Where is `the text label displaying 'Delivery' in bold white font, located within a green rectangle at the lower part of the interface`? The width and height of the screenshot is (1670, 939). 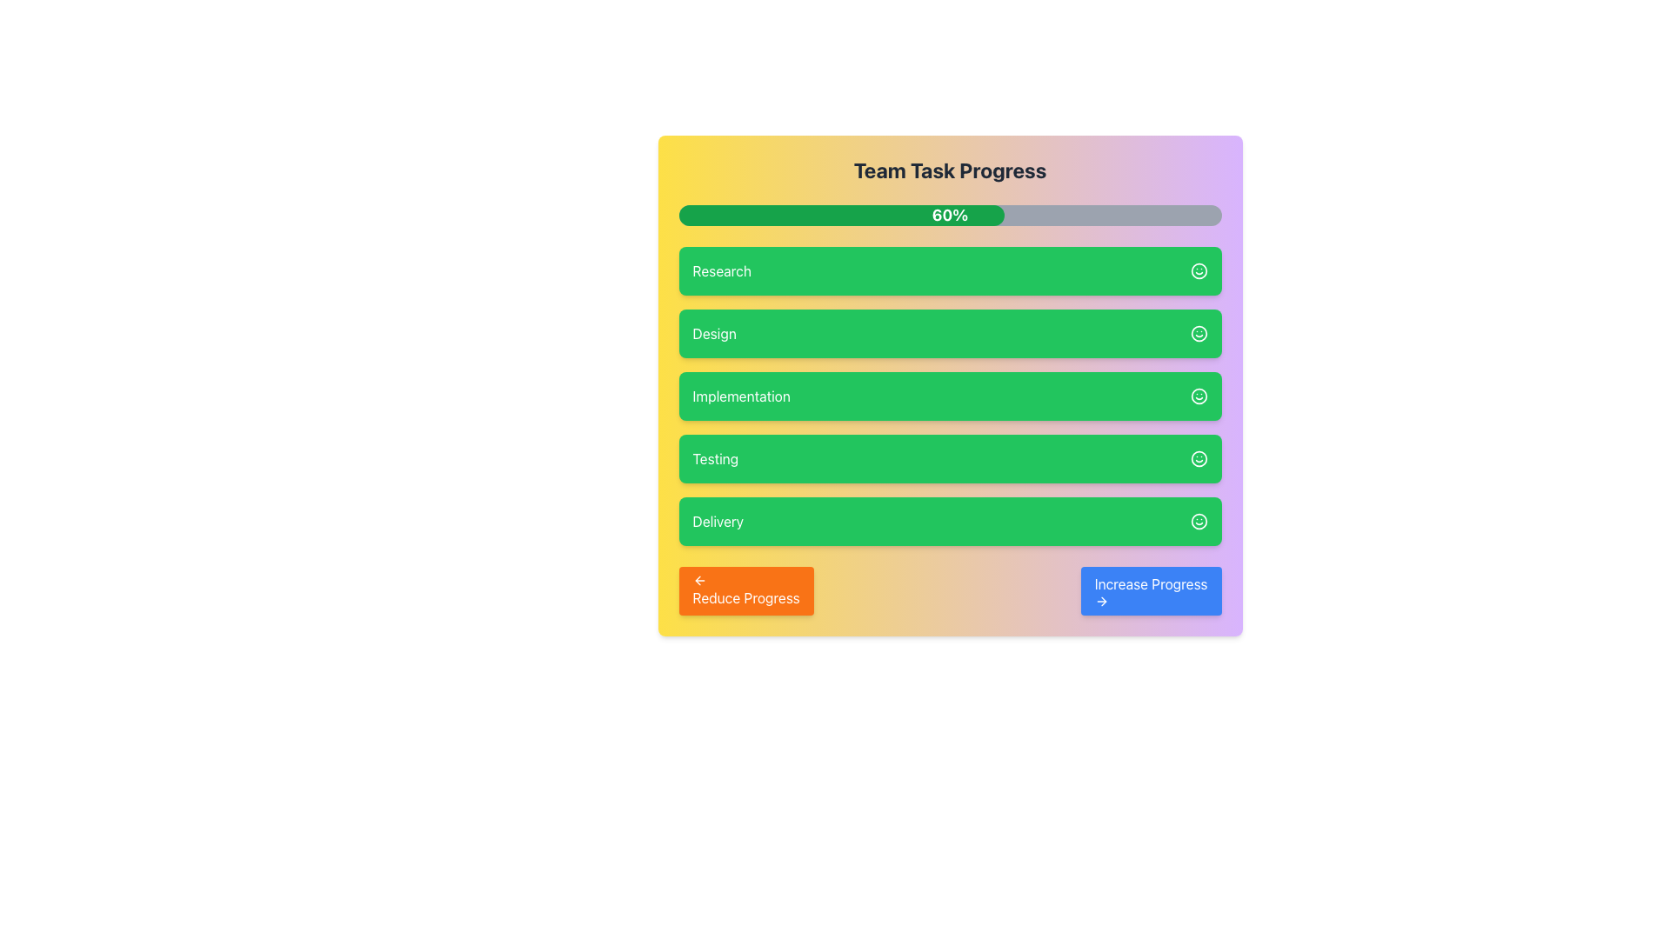
the text label displaying 'Delivery' in bold white font, located within a green rectangle at the lower part of the interface is located at coordinates (718, 521).